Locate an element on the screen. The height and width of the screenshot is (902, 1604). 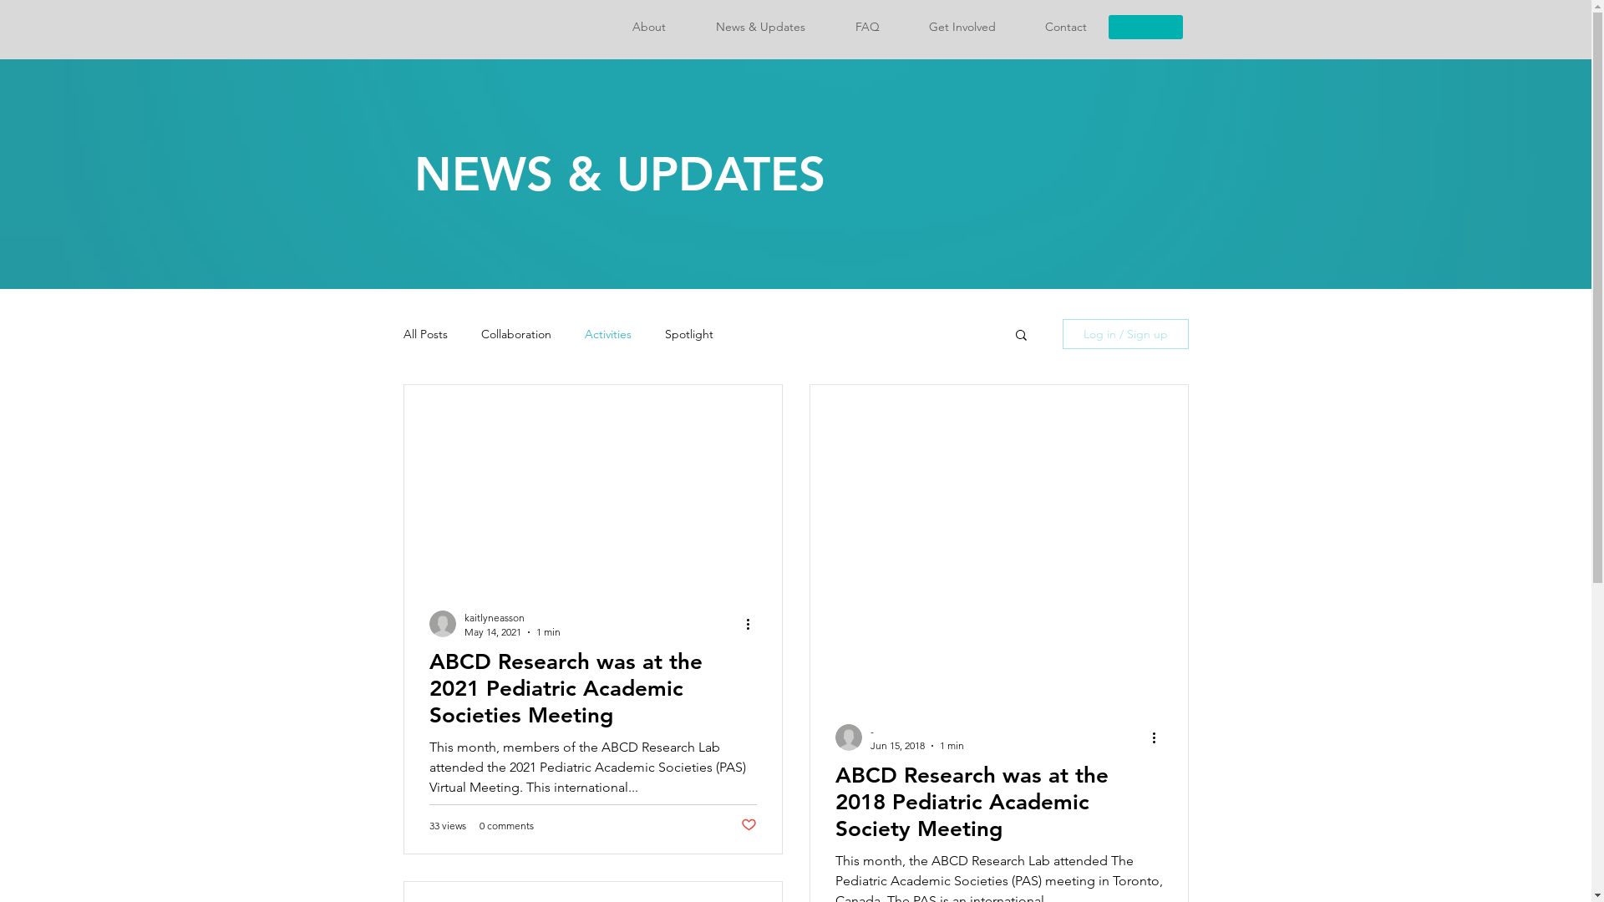
'Log in / Sign up' is located at coordinates (1064, 334).